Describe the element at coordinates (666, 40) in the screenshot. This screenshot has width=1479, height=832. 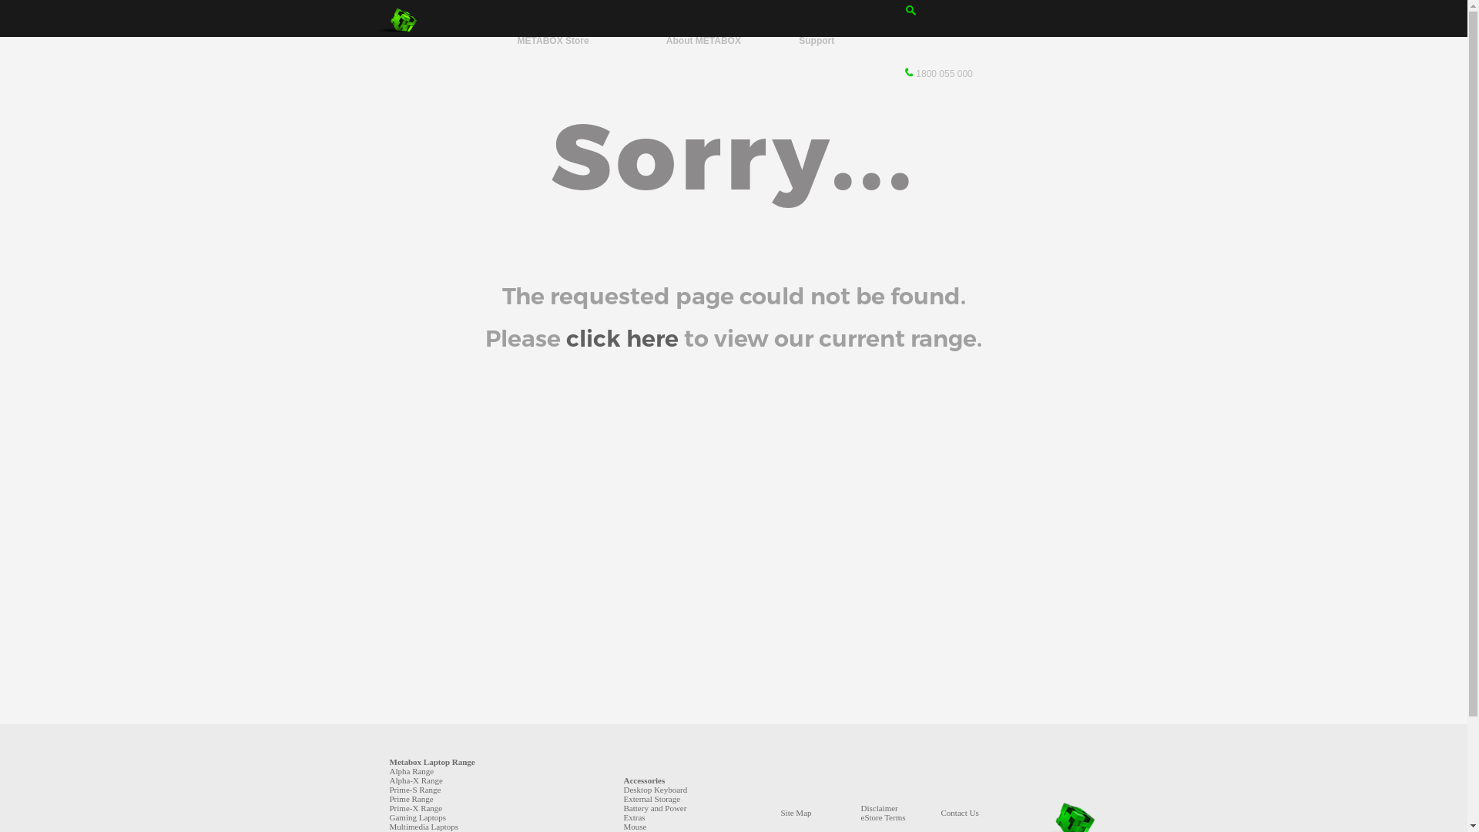
I see `'About METABOX'` at that location.